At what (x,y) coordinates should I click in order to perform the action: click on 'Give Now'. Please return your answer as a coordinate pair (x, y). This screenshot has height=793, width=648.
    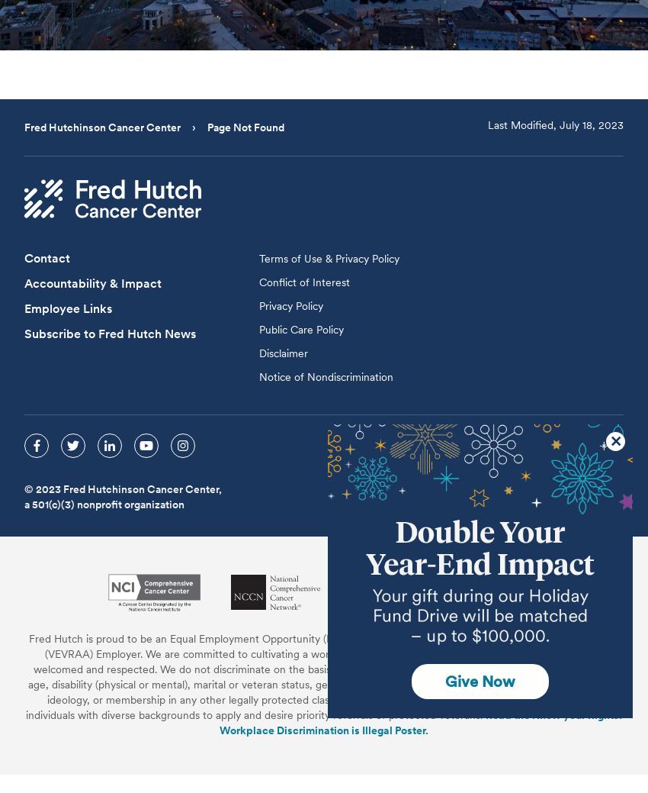
    Looking at the image, I should click on (480, 682).